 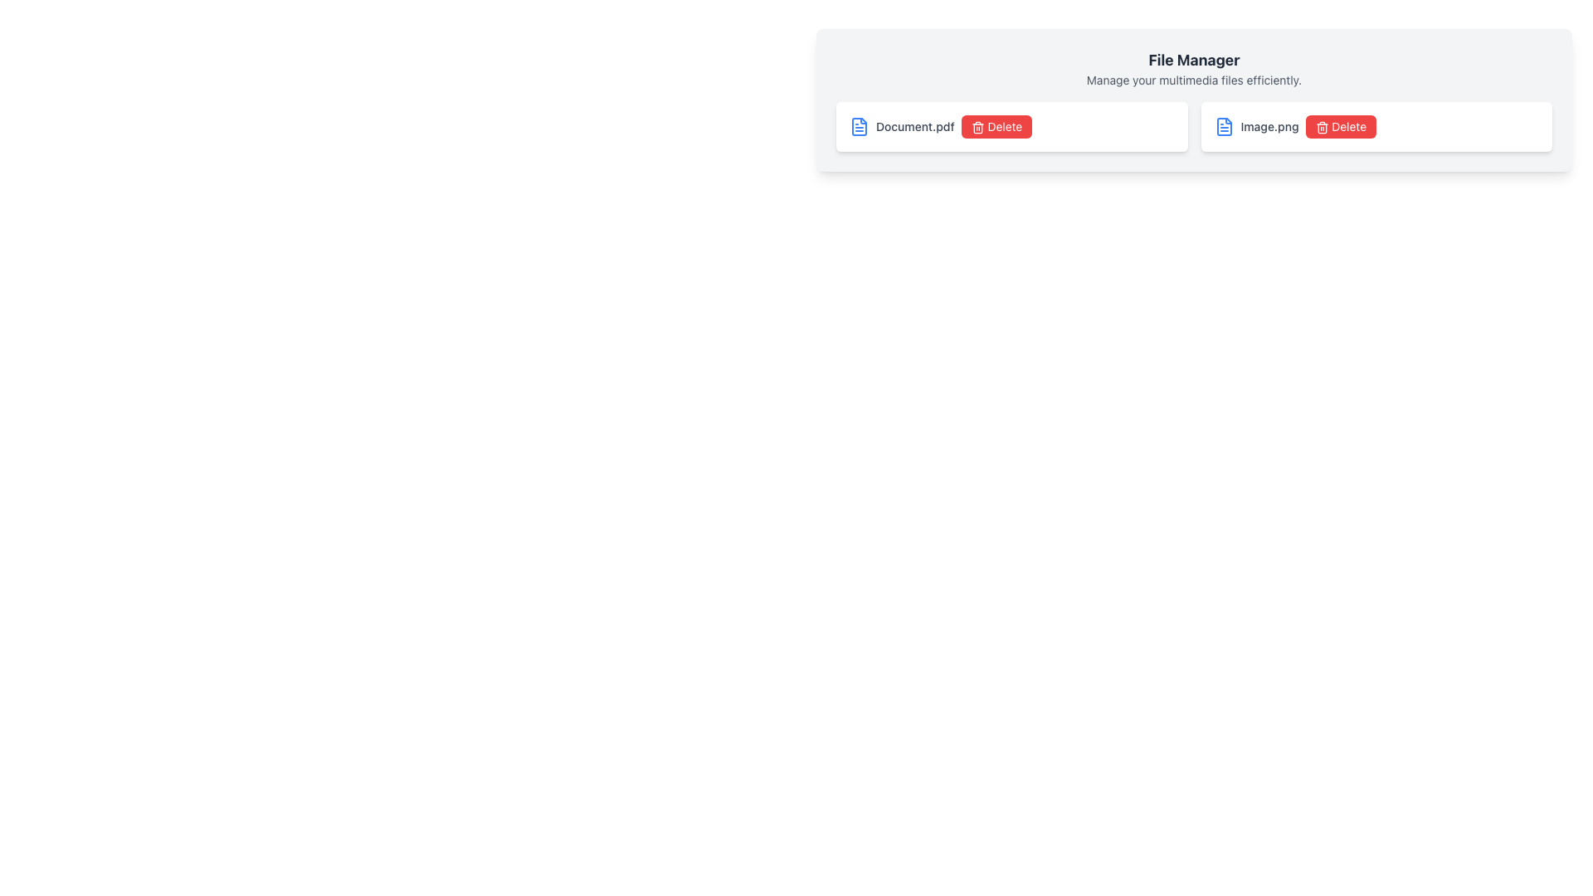 I want to click on the delete icon located centrally inside the right portion of the 'Delete' button next to 'Document.pdf' in the file manager interface, so click(x=977, y=127).